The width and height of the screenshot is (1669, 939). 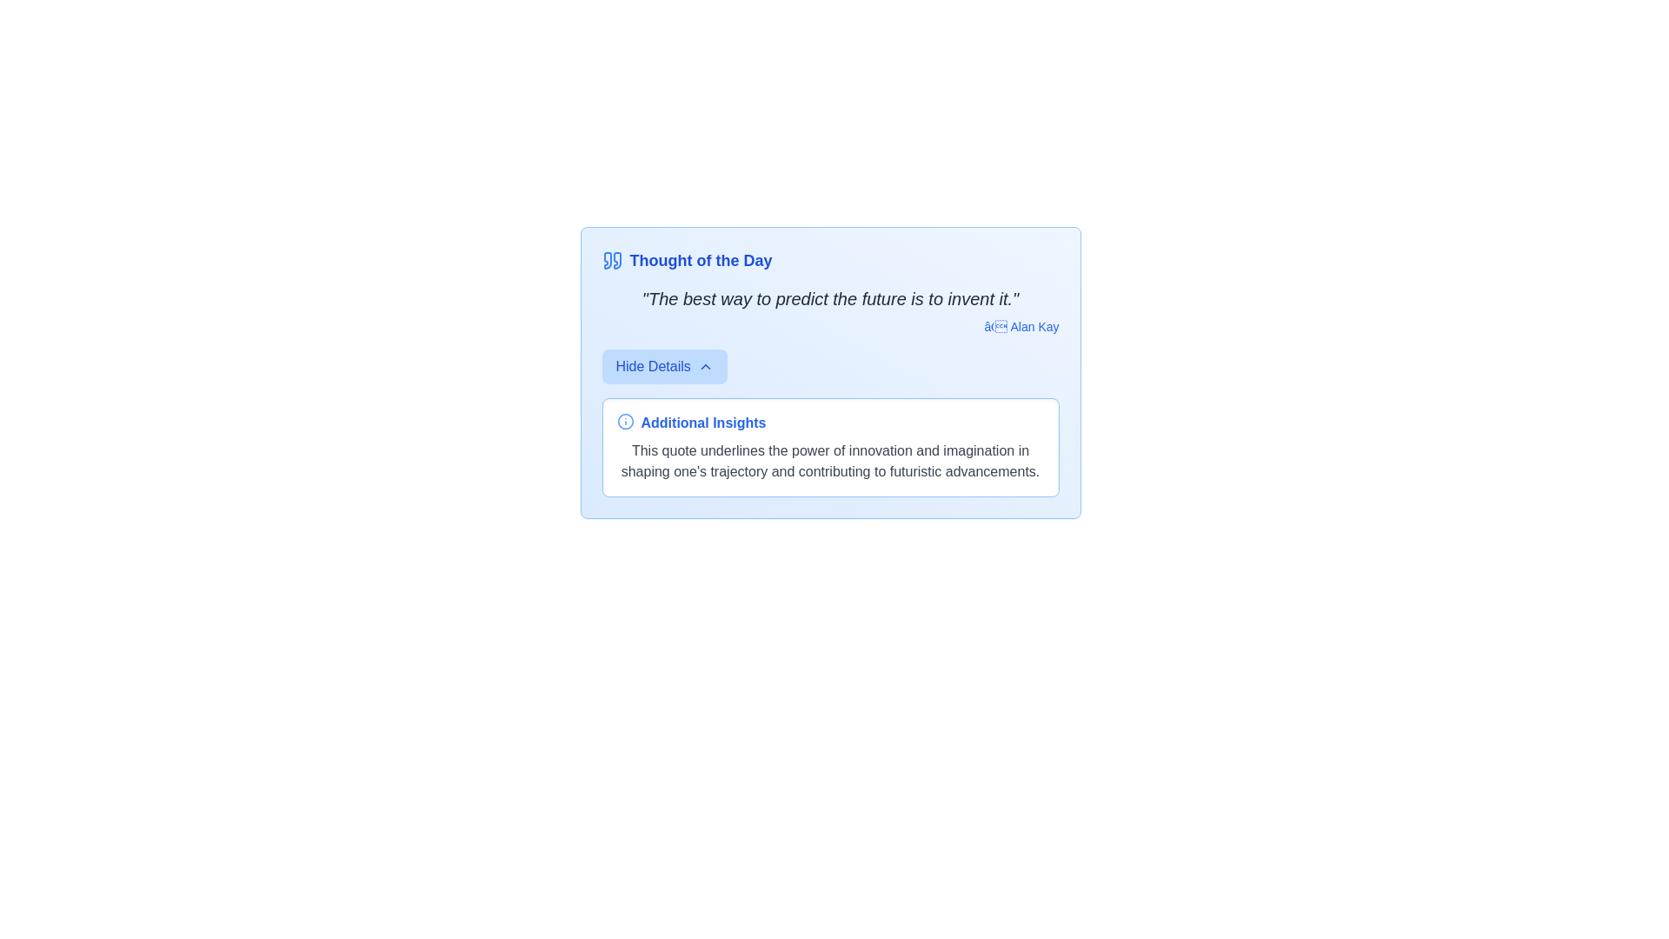 I want to click on the small circular icon with a blue outline and a centered dot located at the start of the 'Additional Insights' section, adjacent to the bold text 'Additional Insights', so click(x=625, y=422).